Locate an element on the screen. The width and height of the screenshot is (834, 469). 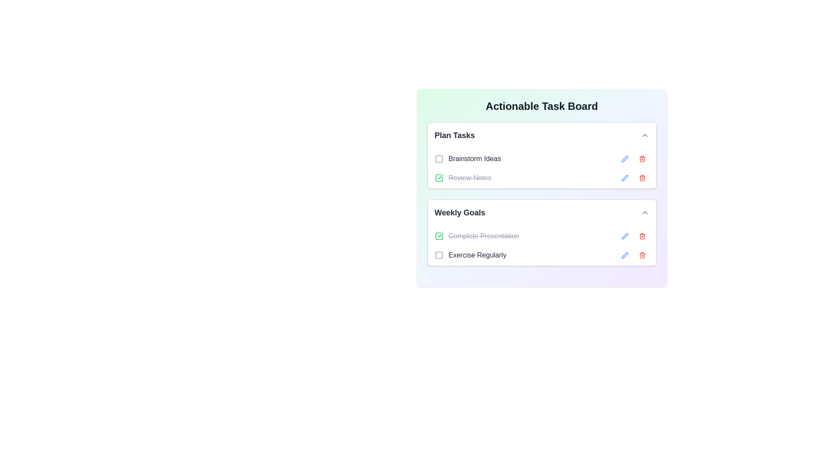
the checkbox of the 'Review Notes' task in the 'Plan Tasks' section is located at coordinates (462, 177).